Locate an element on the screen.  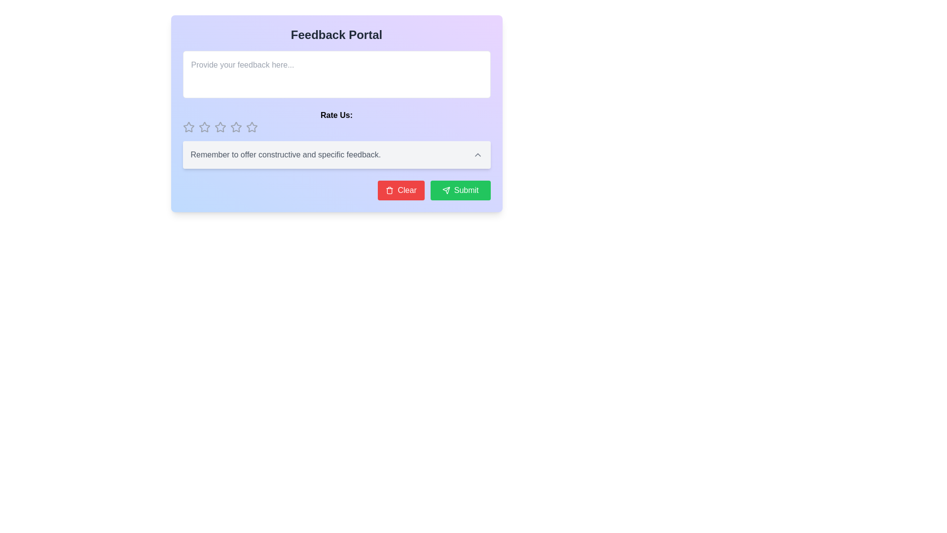
the first star icon in the rating system located under the 'Rate Us:' label is located at coordinates (188, 127).